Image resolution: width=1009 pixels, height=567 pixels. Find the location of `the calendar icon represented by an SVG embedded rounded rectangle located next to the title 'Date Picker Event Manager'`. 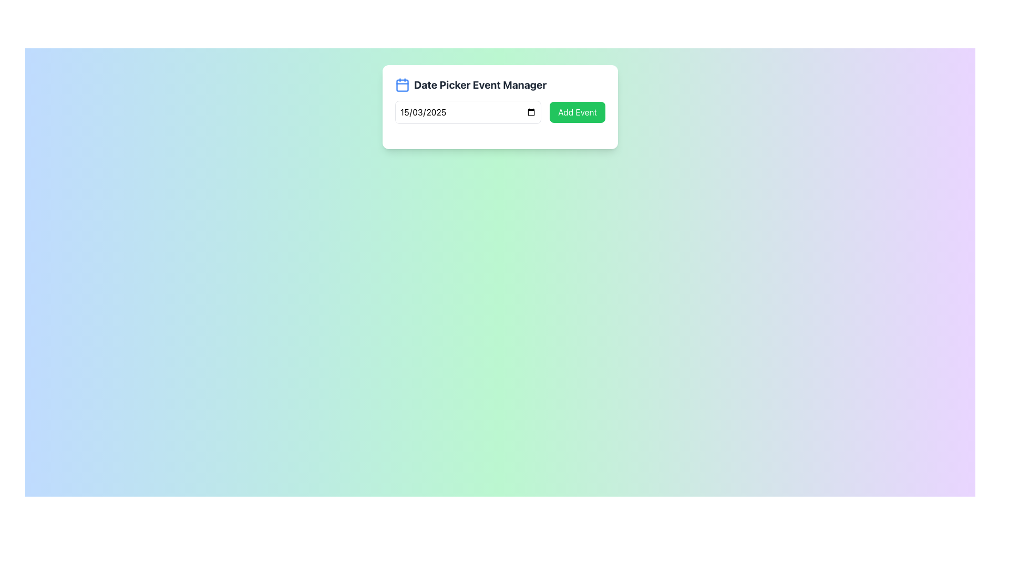

the calendar icon represented by an SVG embedded rounded rectangle located next to the title 'Date Picker Event Manager' is located at coordinates (402, 85).